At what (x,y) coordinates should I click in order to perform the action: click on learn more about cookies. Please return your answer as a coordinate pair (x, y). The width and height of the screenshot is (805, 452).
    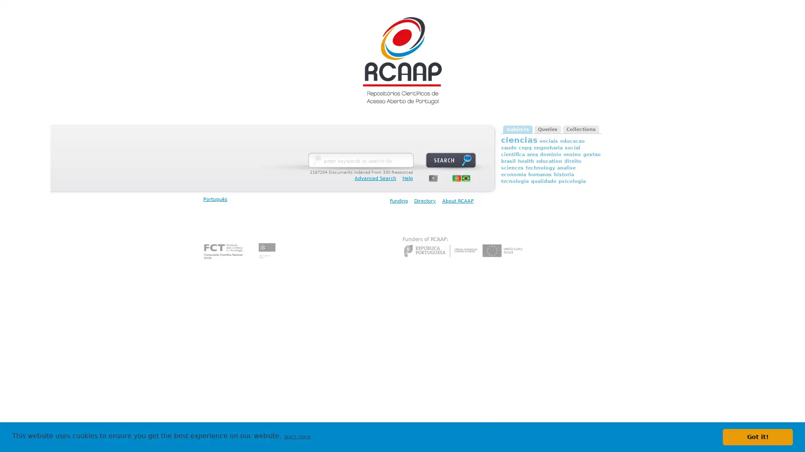
    Looking at the image, I should click on (297, 437).